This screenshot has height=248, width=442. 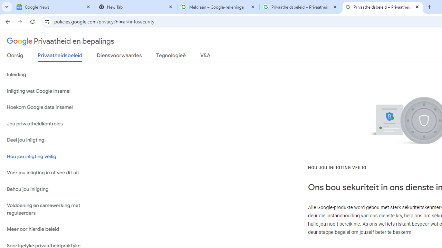 What do you see at coordinates (52, 91) in the screenshot?
I see `'Inligting wat Google insamel'` at bounding box center [52, 91].